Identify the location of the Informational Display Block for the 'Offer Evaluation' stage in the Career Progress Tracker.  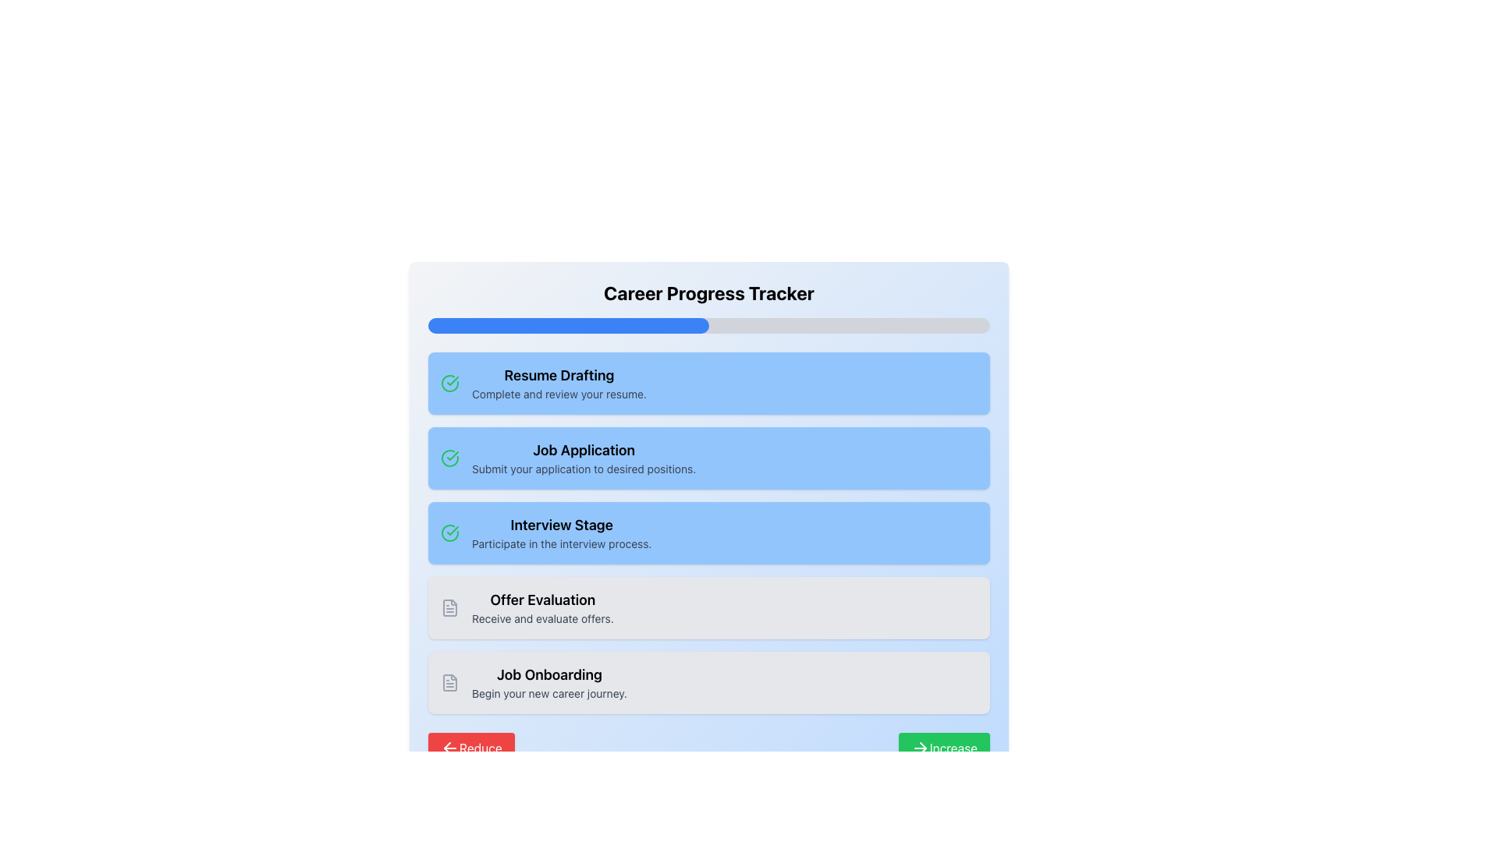
(542, 607).